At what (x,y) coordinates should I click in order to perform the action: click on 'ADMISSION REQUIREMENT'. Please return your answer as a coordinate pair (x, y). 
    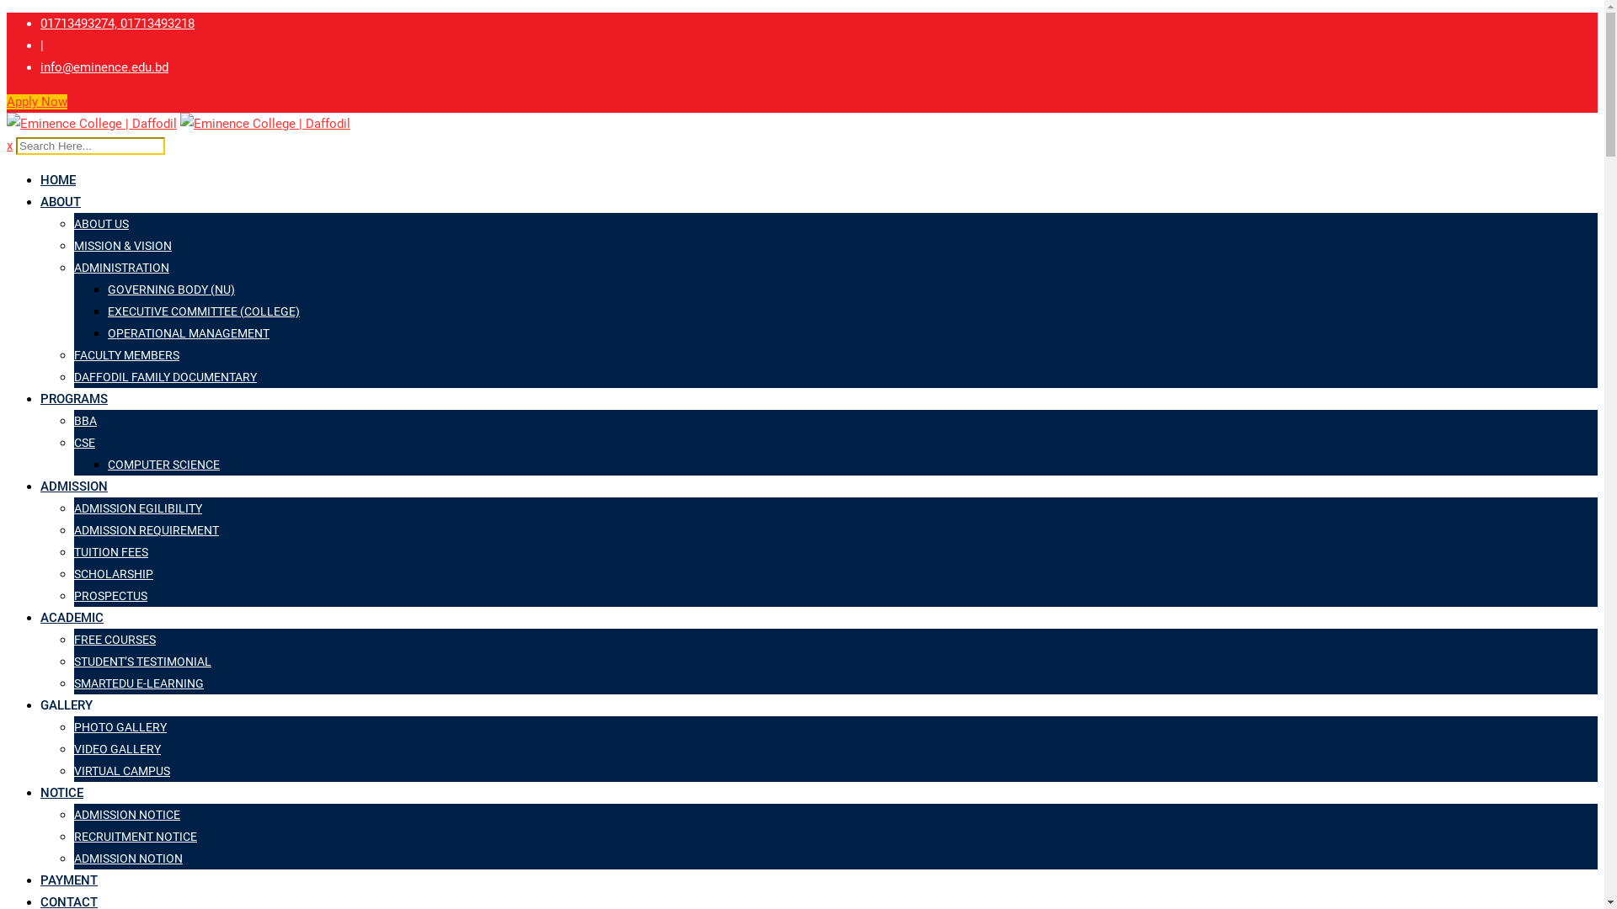
    Looking at the image, I should click on (72, 529).